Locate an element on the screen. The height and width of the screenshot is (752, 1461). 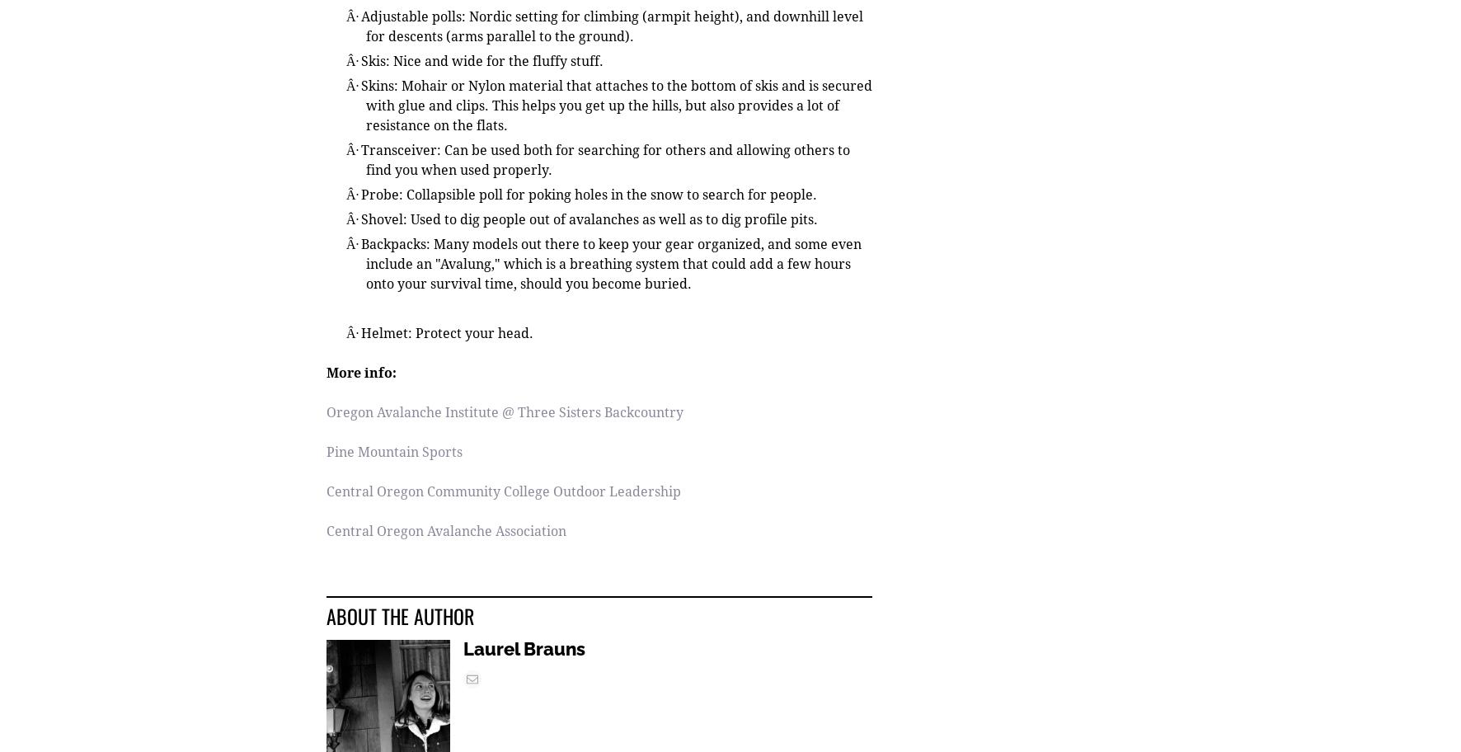
'Shovel: Used to dig people out of avalanches as well as to dig profile pits.' is located at coordinates (587, 219).